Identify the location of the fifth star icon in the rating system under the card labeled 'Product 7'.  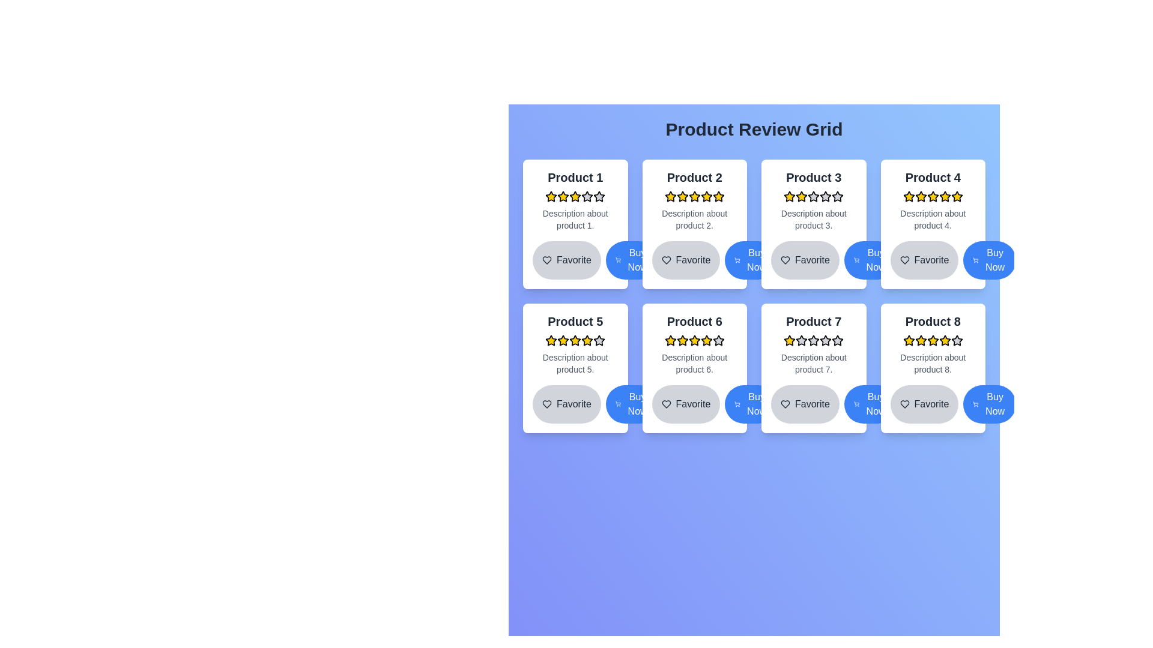
(825, 340).